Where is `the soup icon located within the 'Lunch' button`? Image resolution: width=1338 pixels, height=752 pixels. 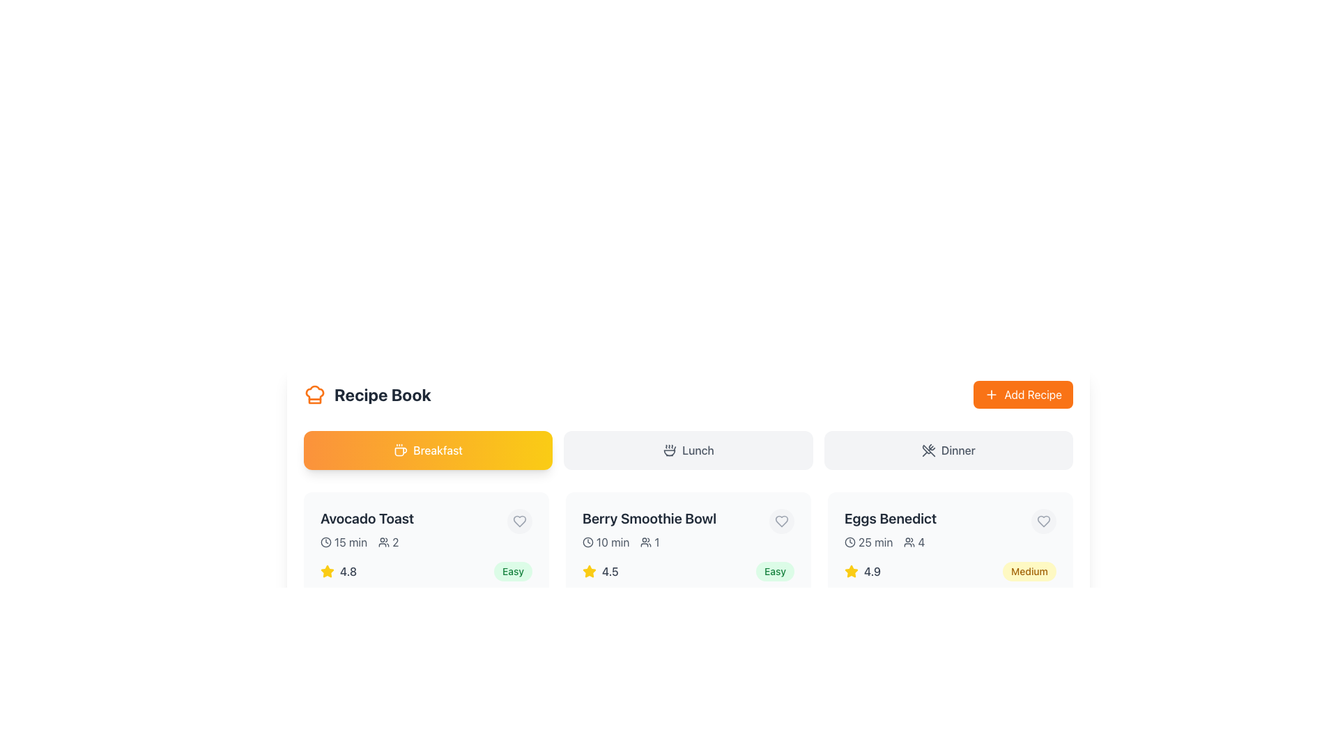 the soup icon located within the 'Lunch' button is located at coordinates (670, 451).